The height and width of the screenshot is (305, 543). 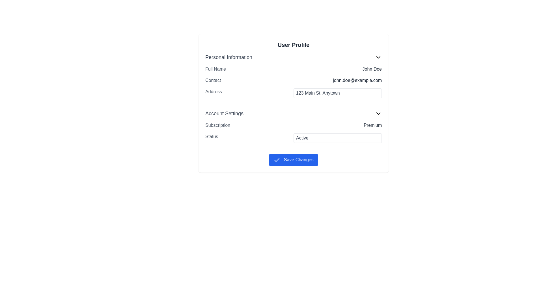 I want to click on the Information Display Section titled 'Personal Information' which contains the user's name, email, and address, located in the top area of the card interface, so click(x=293, y=77).